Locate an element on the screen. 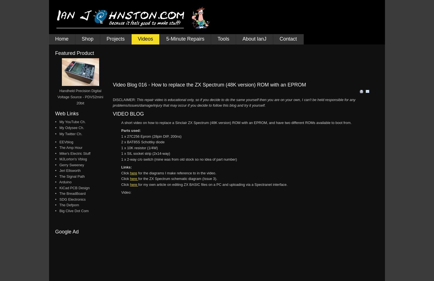 The width and height of the screenshot is (434, 281). '1 x 27C256 Eprom (28pin DIP, 200ns)' is located at coordinates (151, 136).